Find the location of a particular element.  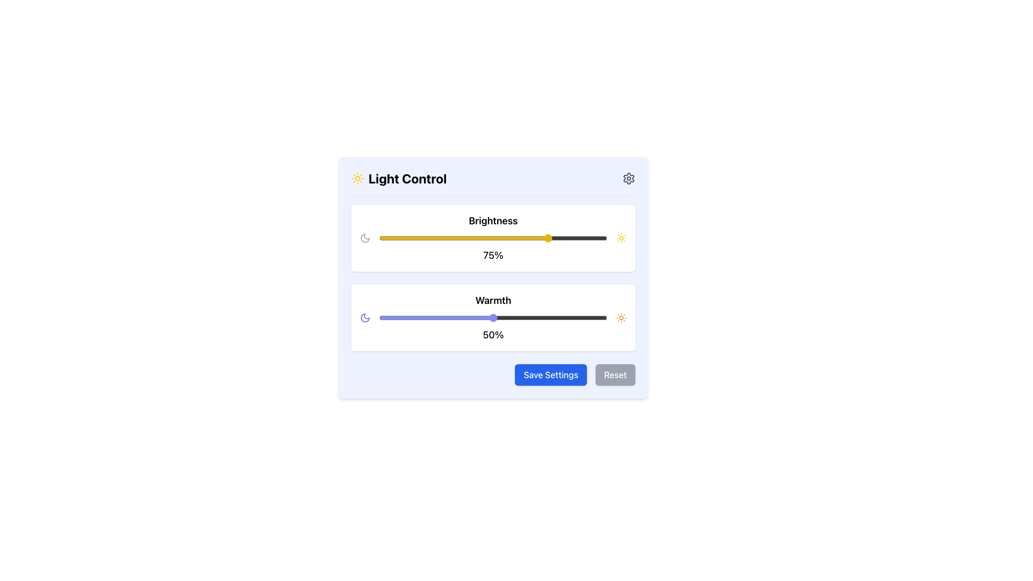

warmth is located at coordinates (495, 317).